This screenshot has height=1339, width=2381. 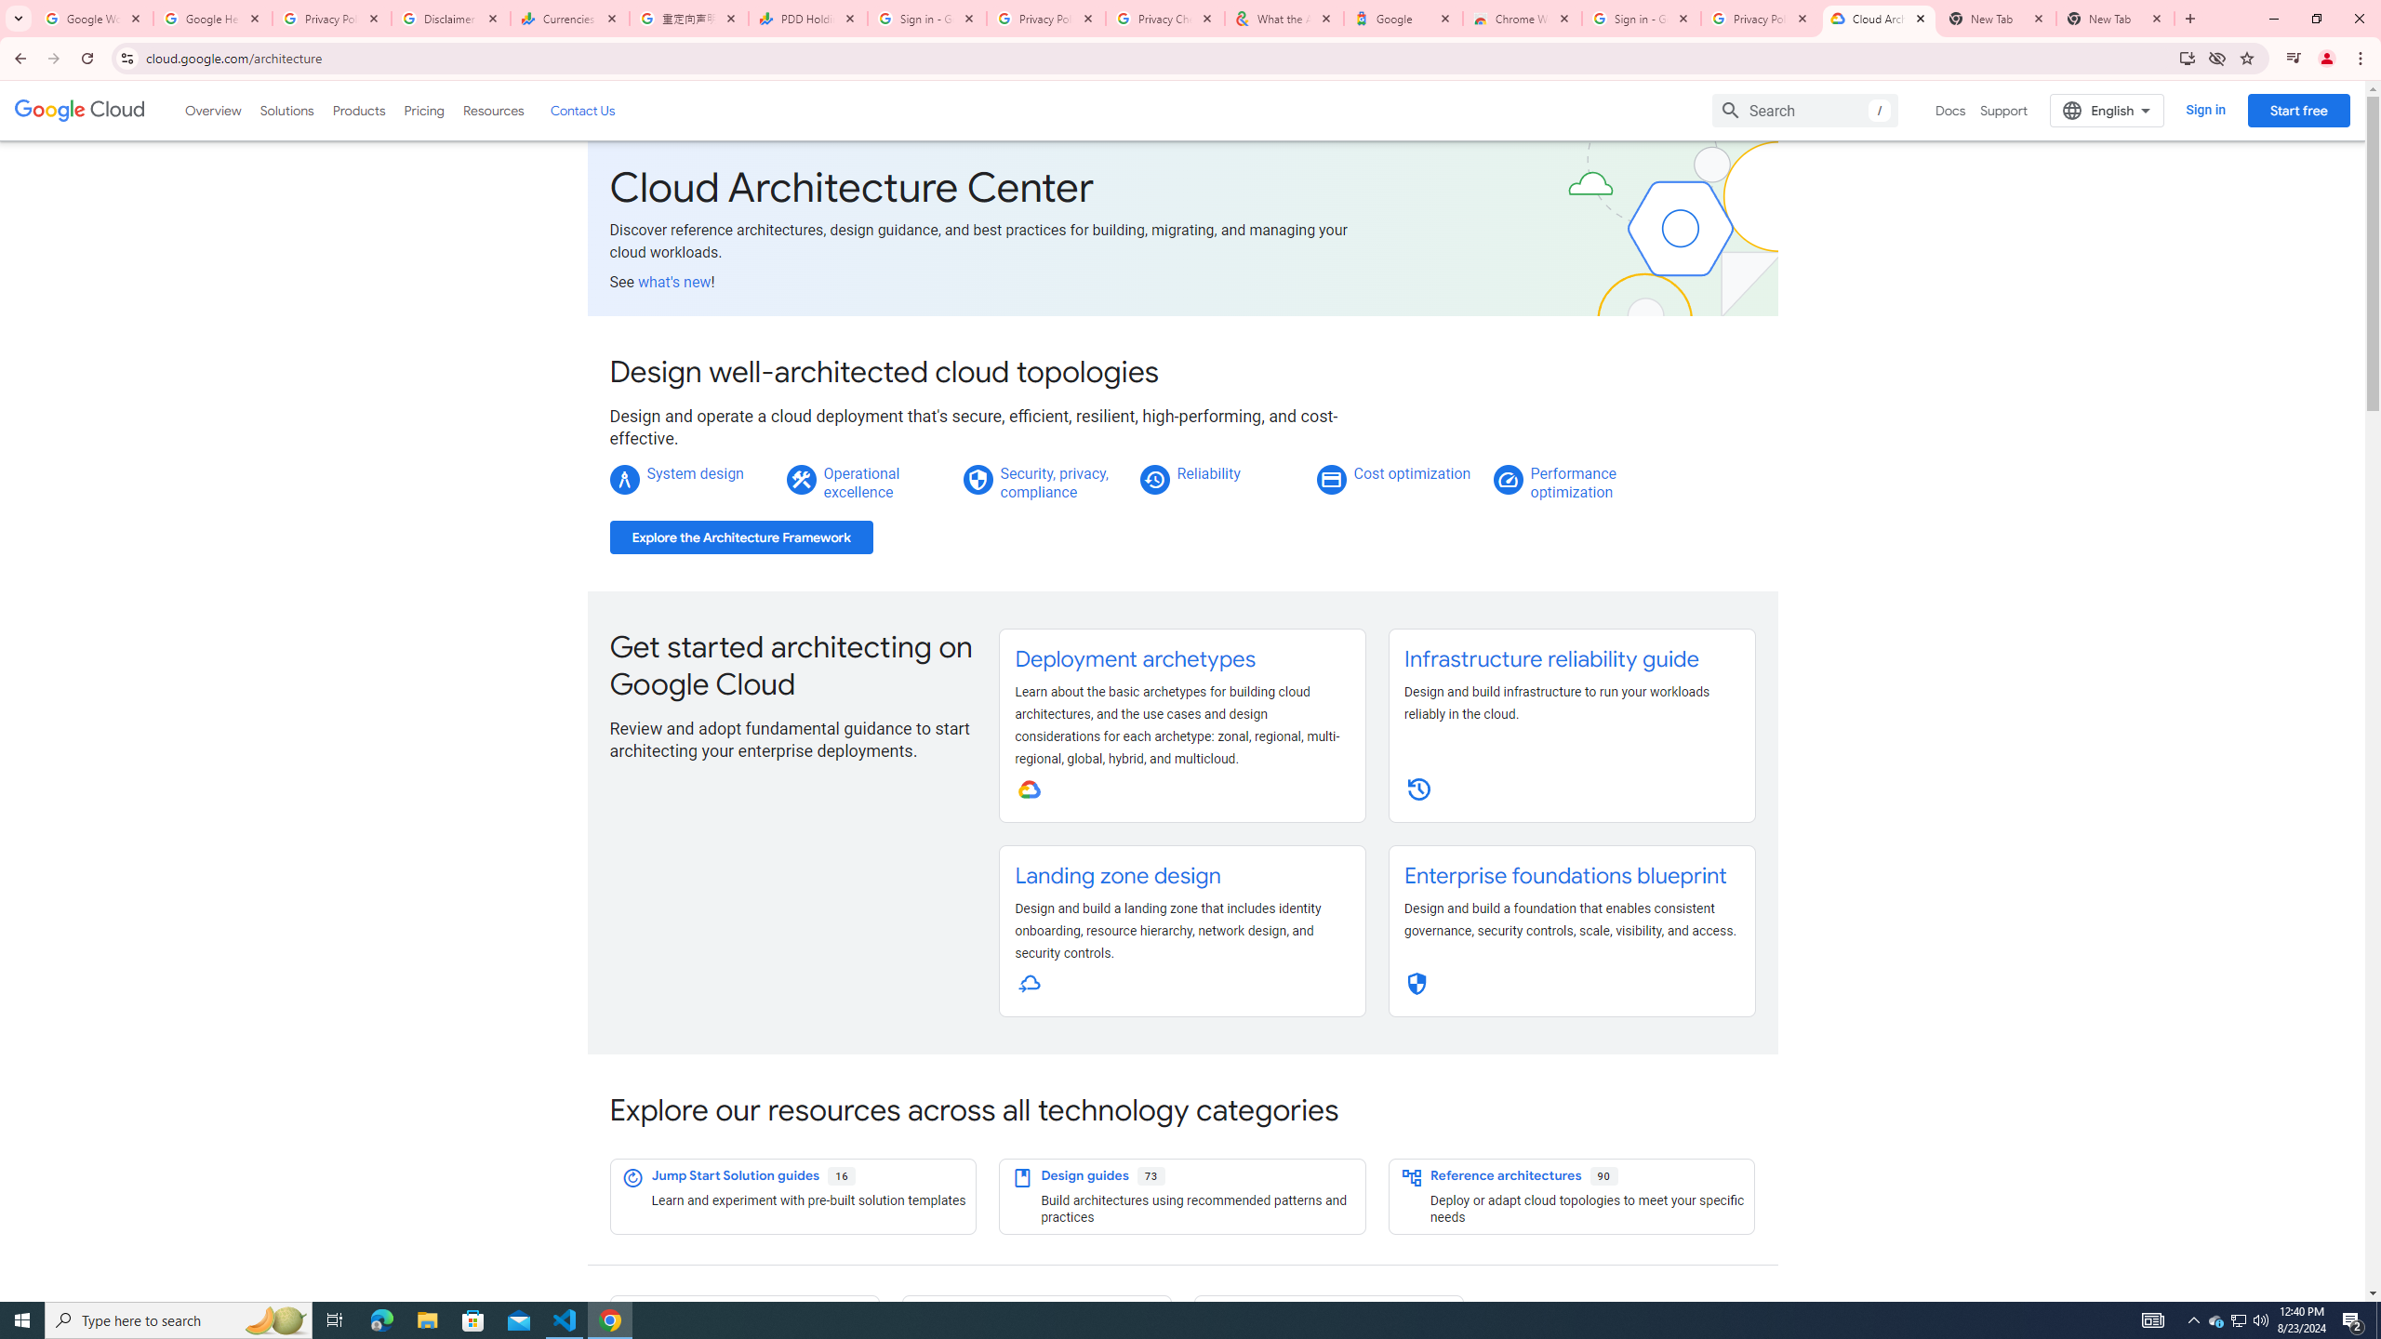 I want to click on 'Support', so click(x=2004, y=110).